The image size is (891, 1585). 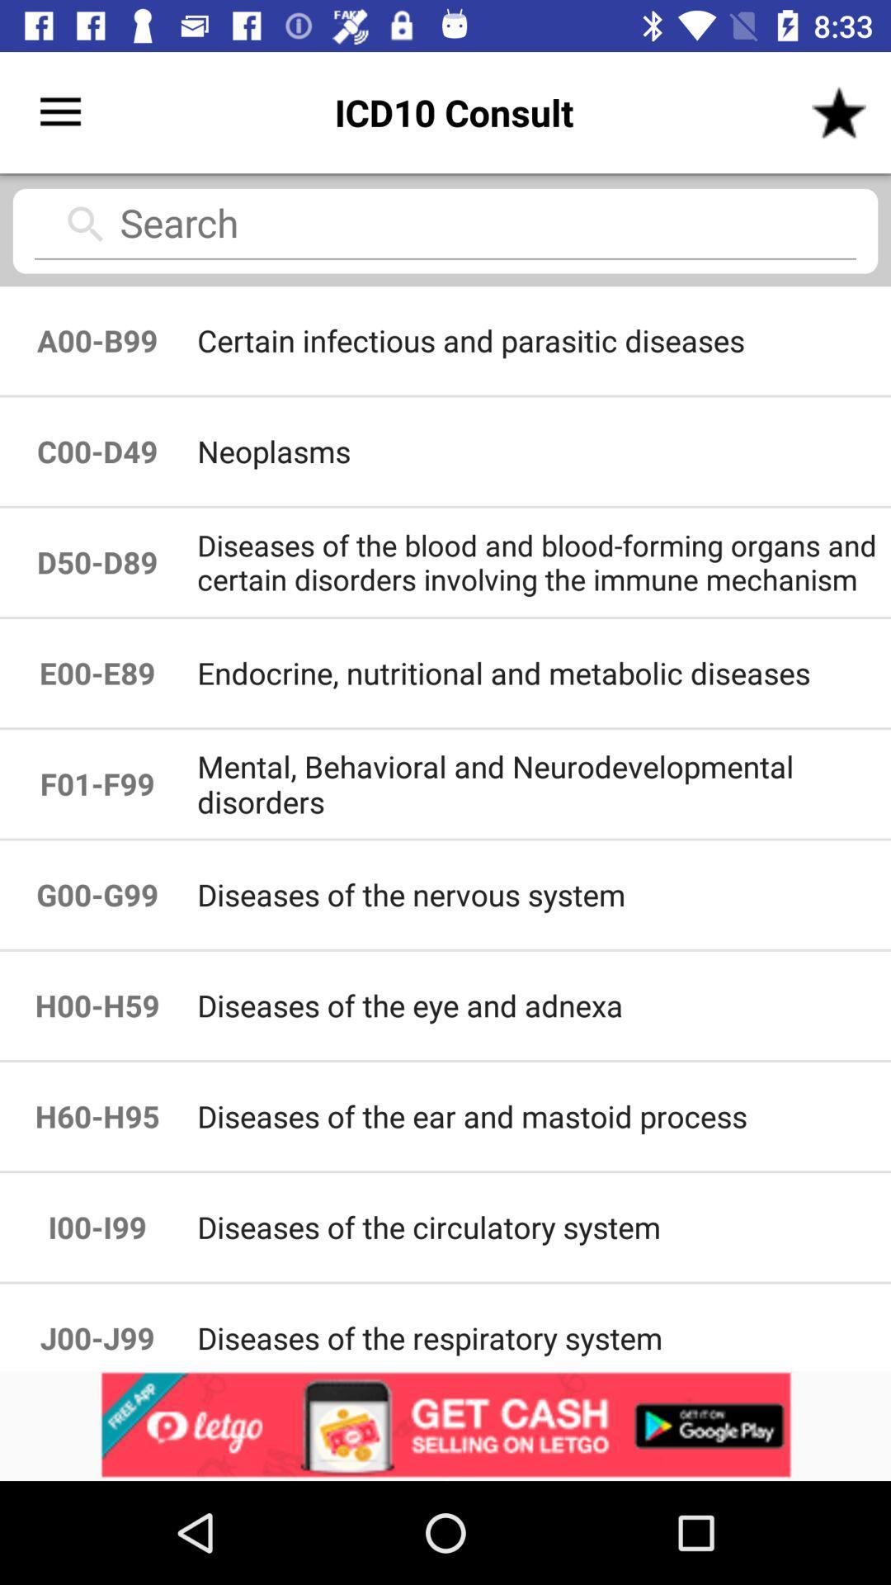 I want to click on the icon to the left of the certain infectious and, so click(x=97, y=339).